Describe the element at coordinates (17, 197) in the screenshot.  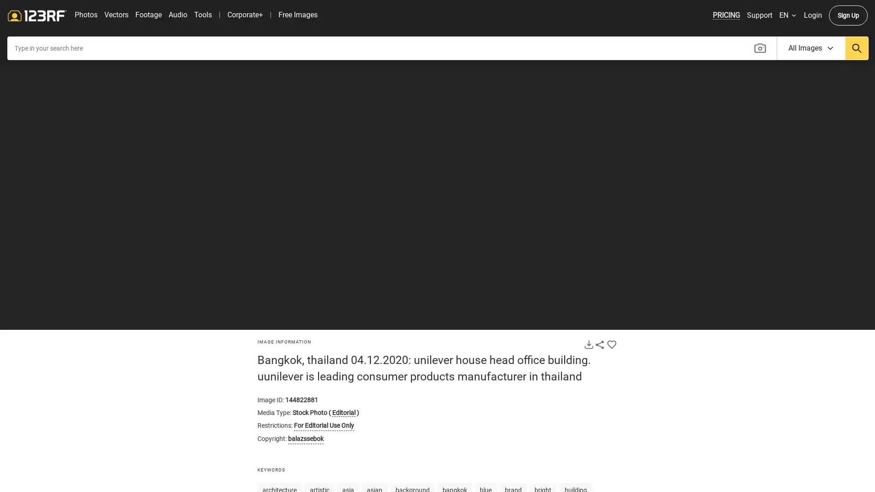
I see `Auto` at that location.